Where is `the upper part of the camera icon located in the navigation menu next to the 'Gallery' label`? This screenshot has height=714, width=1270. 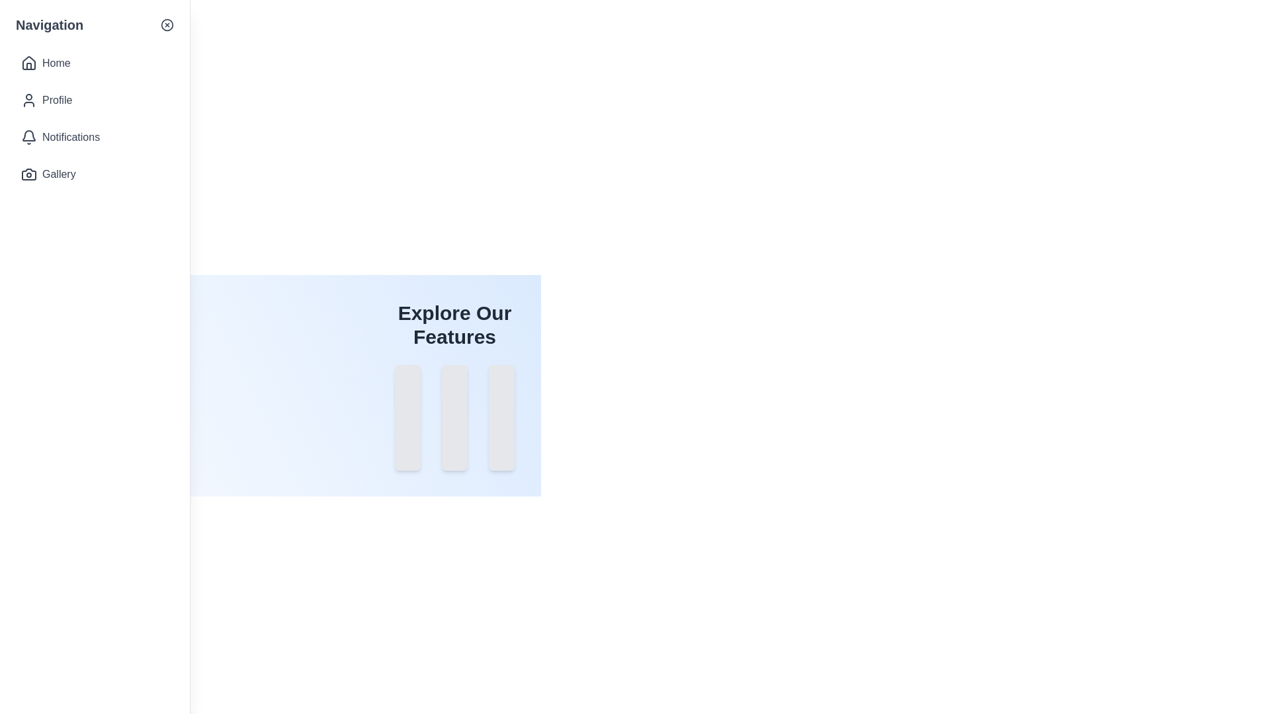 the upper part of the camera icon located in the navigation menu next to the 'Gallery' label is located at coordinates (28, 173).